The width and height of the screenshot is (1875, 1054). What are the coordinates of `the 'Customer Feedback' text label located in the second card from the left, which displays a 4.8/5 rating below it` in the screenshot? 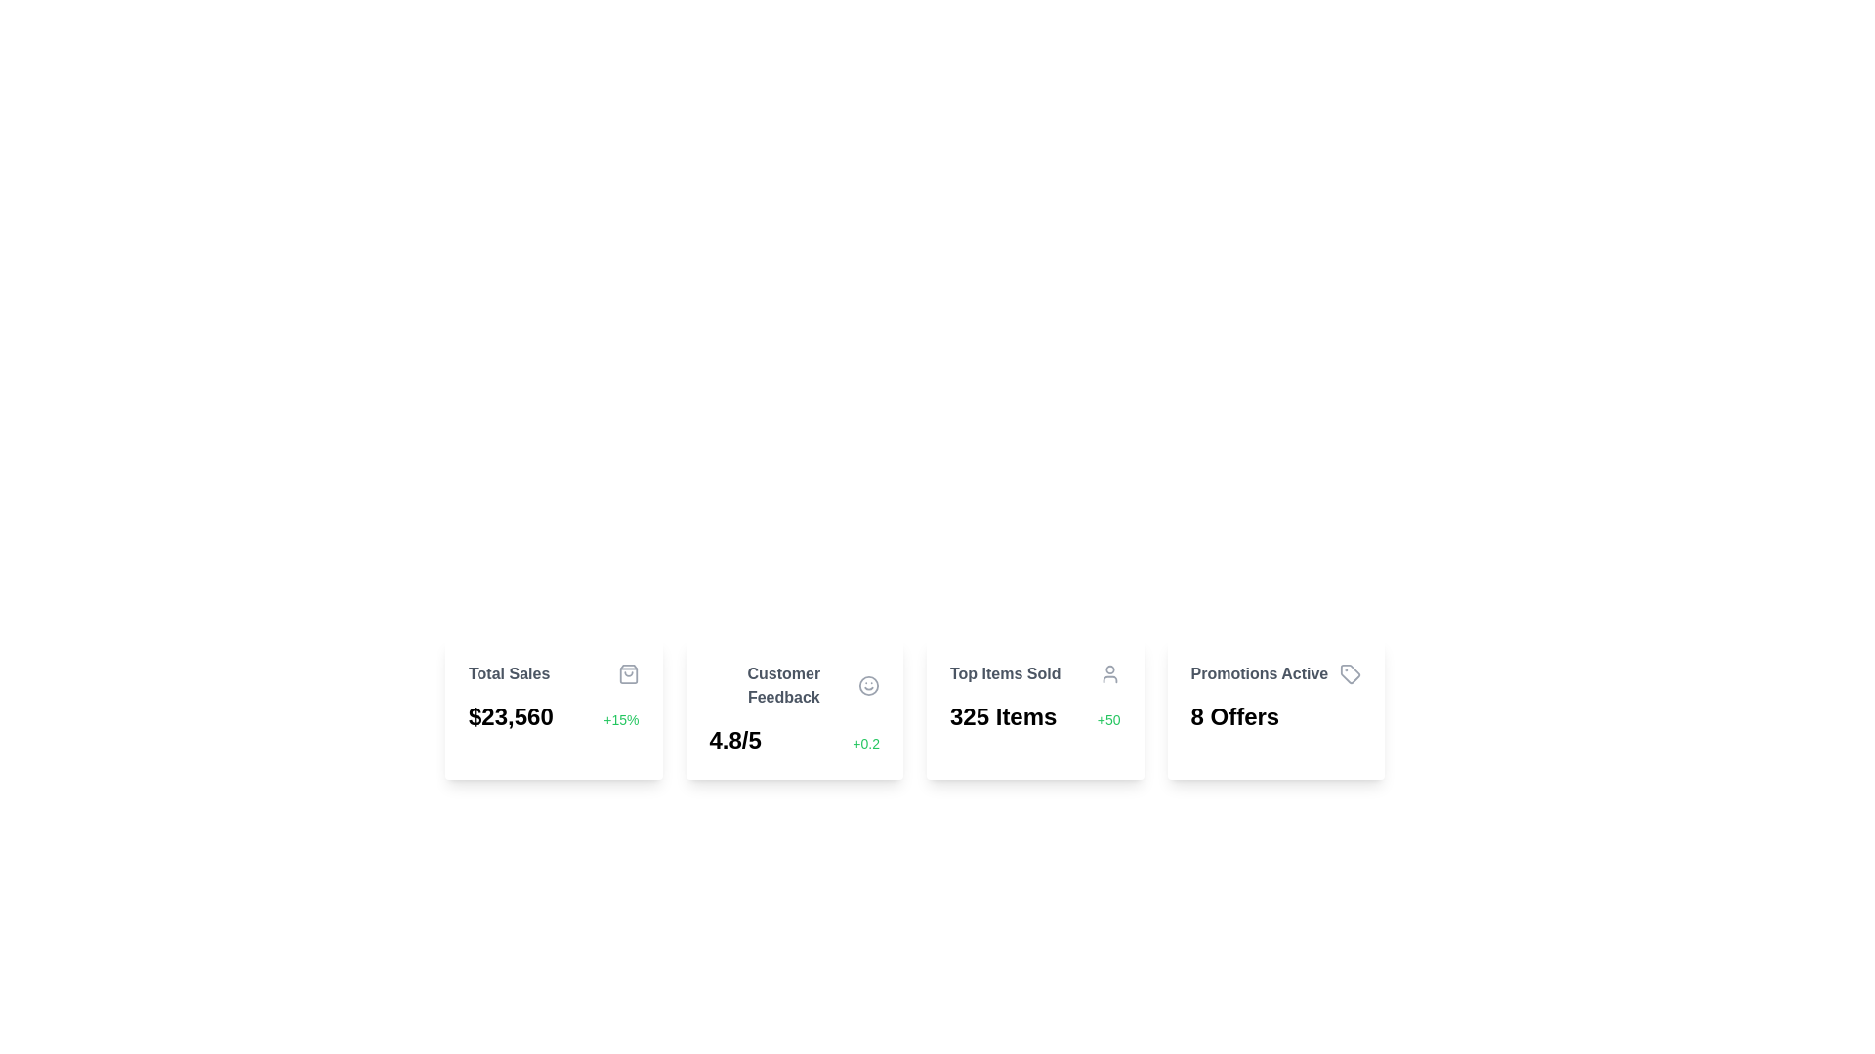 It's located at (783, 684).